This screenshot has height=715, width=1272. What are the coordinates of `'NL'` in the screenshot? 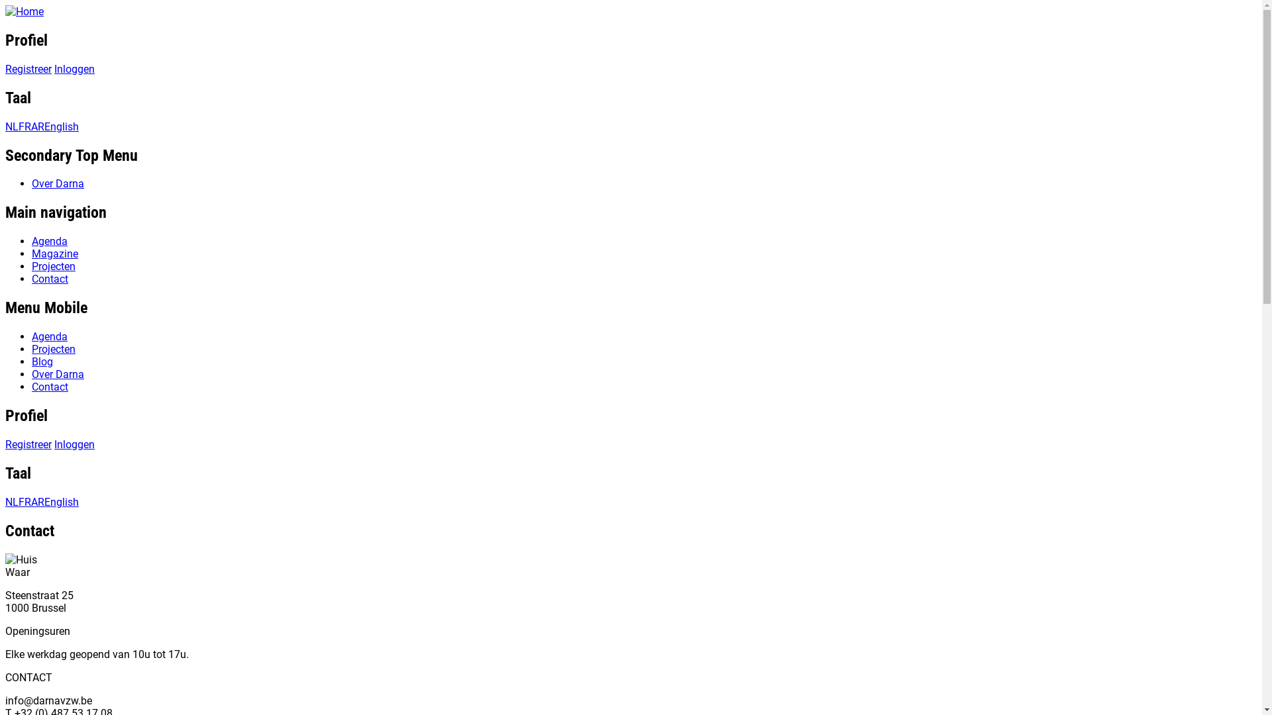 It's located at (12, 126).